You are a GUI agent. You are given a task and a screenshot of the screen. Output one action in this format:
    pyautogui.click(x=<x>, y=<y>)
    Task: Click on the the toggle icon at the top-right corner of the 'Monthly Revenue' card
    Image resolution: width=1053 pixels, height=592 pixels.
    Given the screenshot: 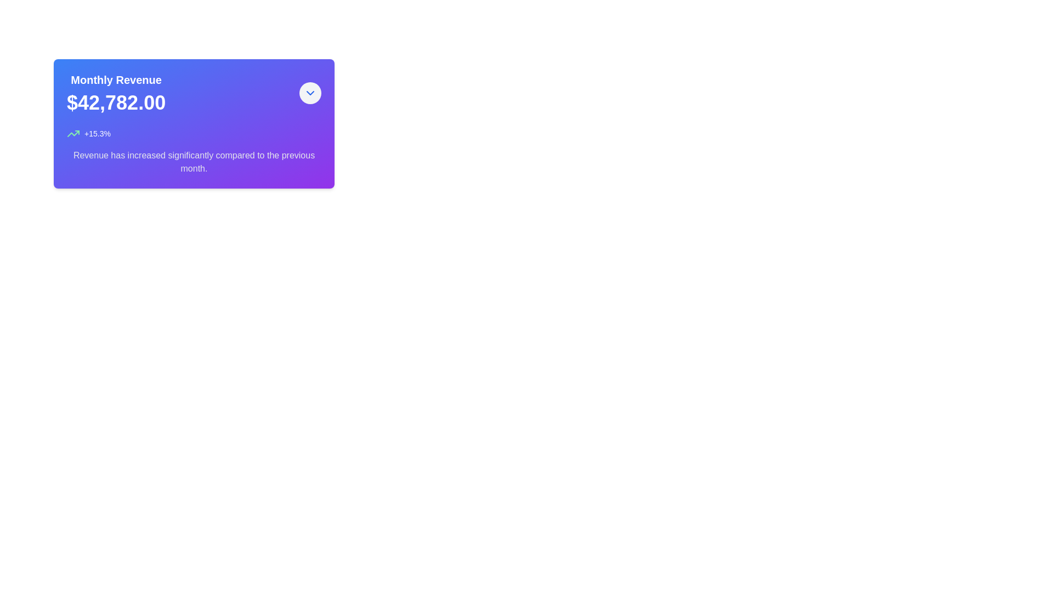 What is the action you would take?
    pyautogui.click(x=310, y=92)
    